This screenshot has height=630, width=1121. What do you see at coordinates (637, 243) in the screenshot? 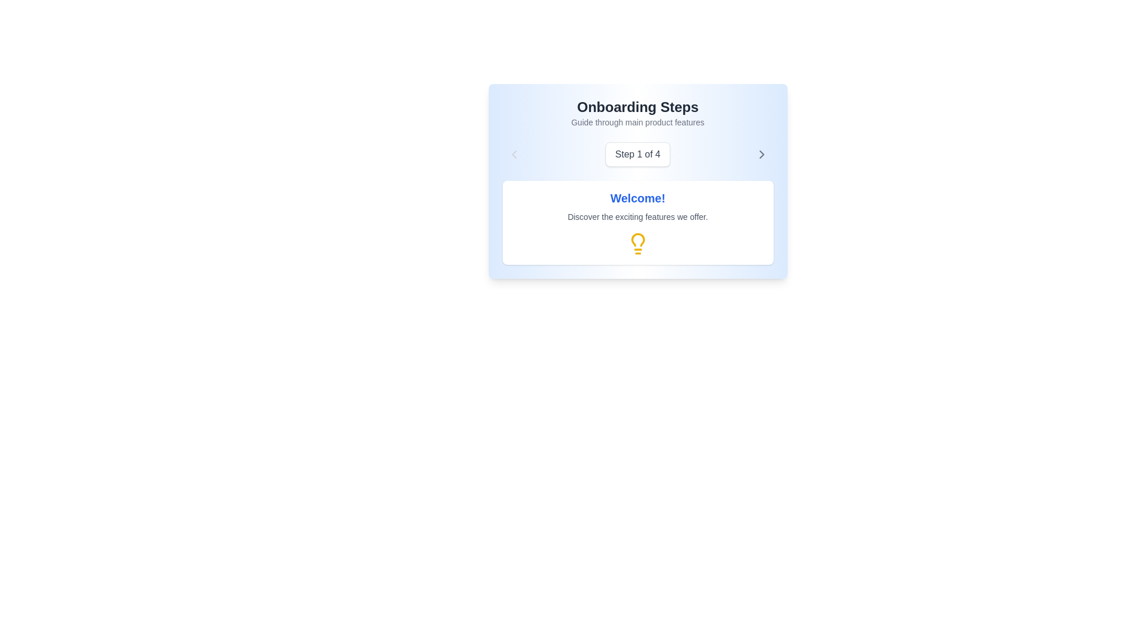
I see `the decorative icon located centrally beneath the description text in the card component which contains the heading 'Welcome!' and the text 'Discover the exciting features we offer.'` at bounding box center [637, 243].